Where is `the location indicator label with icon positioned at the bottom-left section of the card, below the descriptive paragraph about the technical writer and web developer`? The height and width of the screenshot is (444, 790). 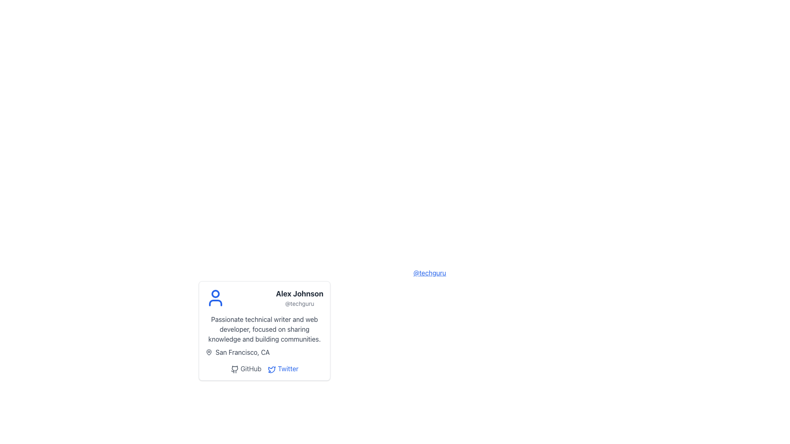 the location indicator label with icon positioned at the bottom-left section of the card, below the descriptive paragraph about the technical writer and web developer is located at coordinates (265, 351).